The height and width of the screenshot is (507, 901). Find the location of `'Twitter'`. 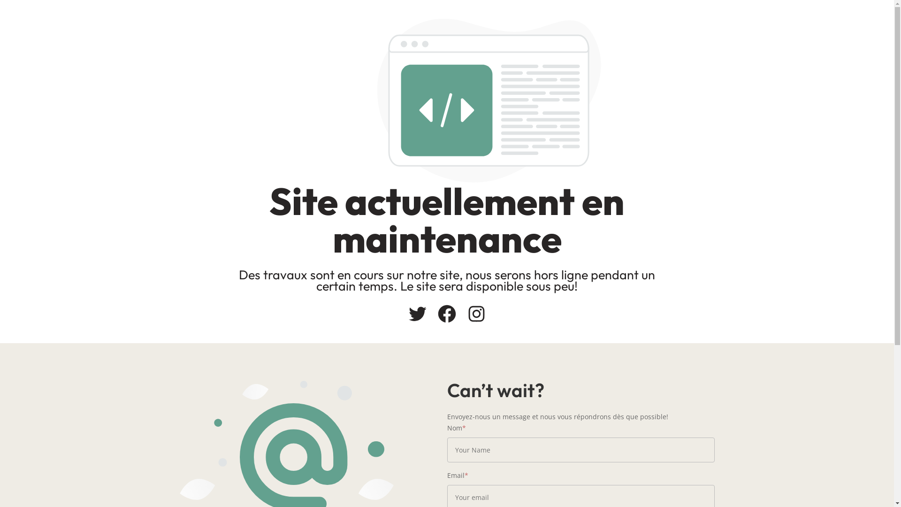

'Twitter' is located at coordinates (407, 314).